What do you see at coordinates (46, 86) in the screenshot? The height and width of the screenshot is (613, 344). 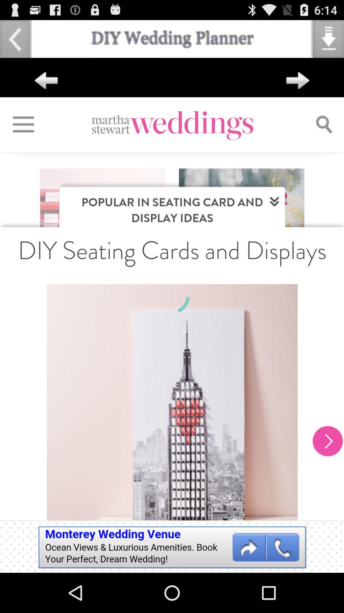 I see `the arrow_backward icon` at bounding box center [46, 86].